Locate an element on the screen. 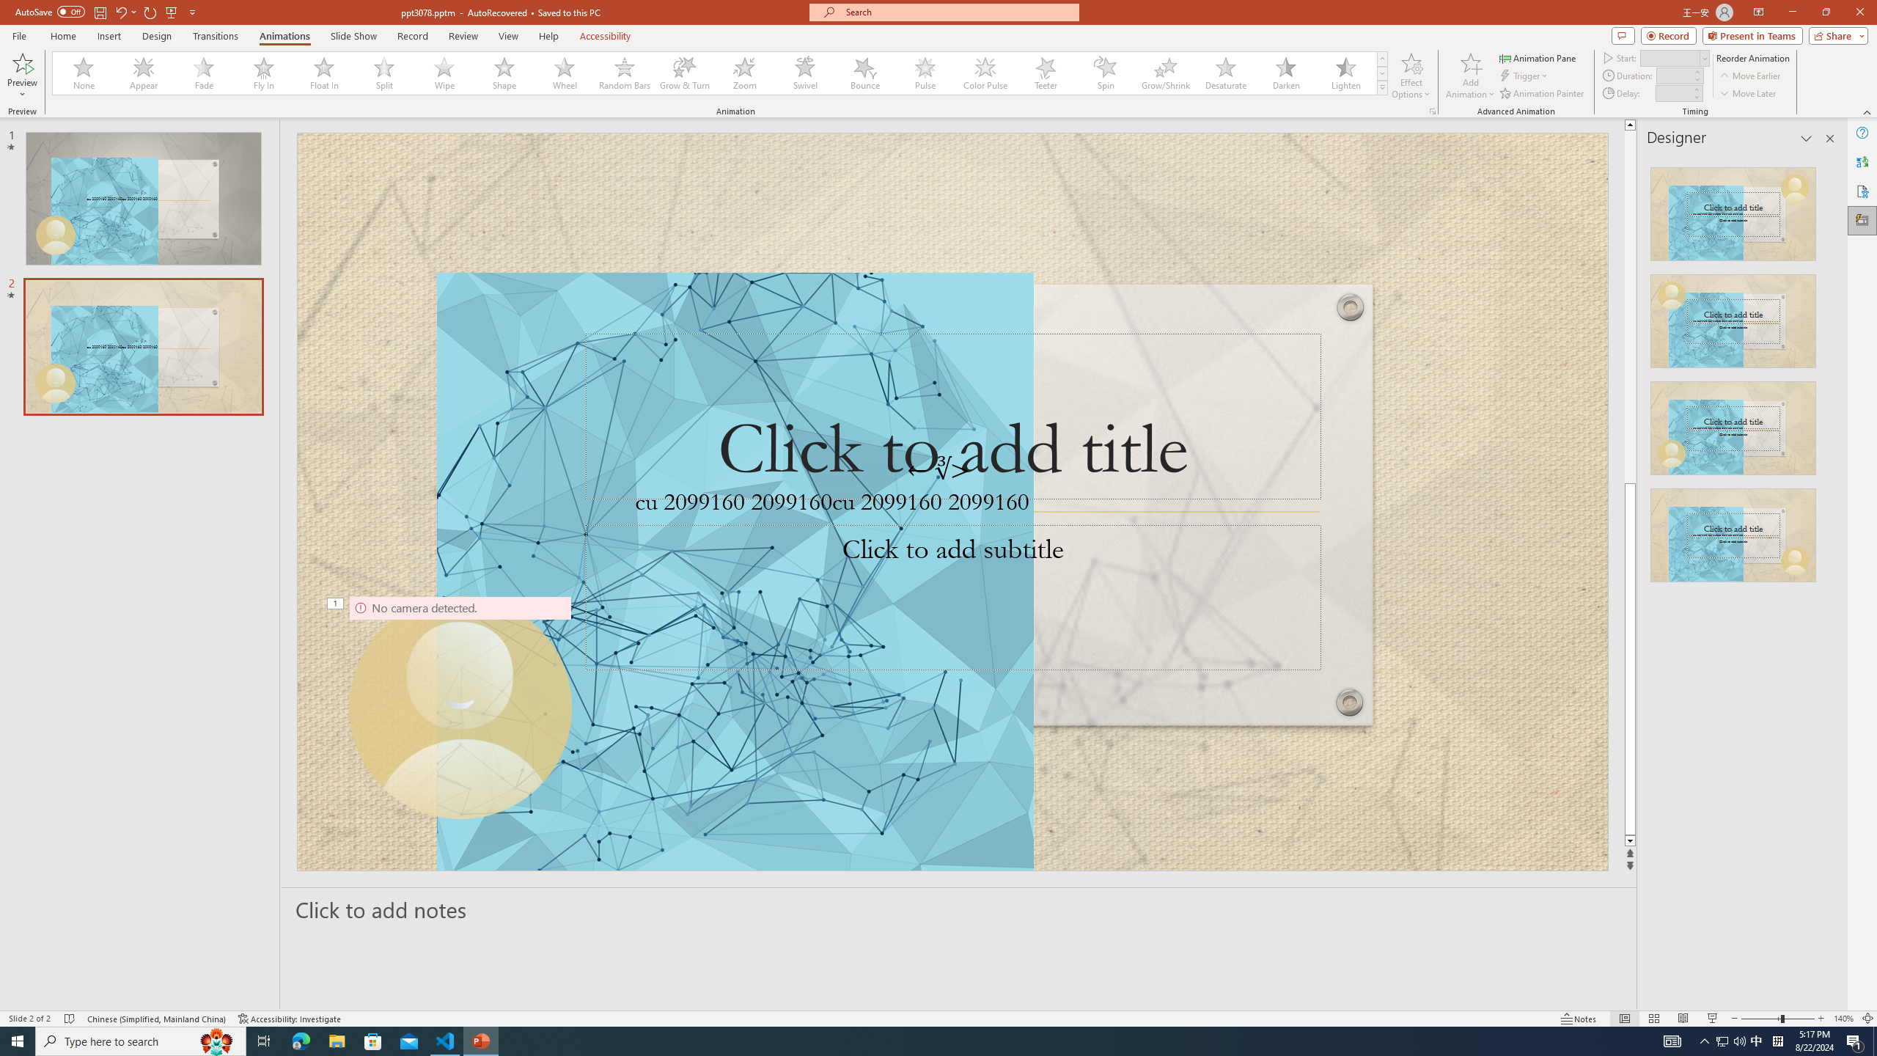 The image size is (1877, 1056). 'AutomationID: AnimationGallery' is located at coordinates (720, 73).